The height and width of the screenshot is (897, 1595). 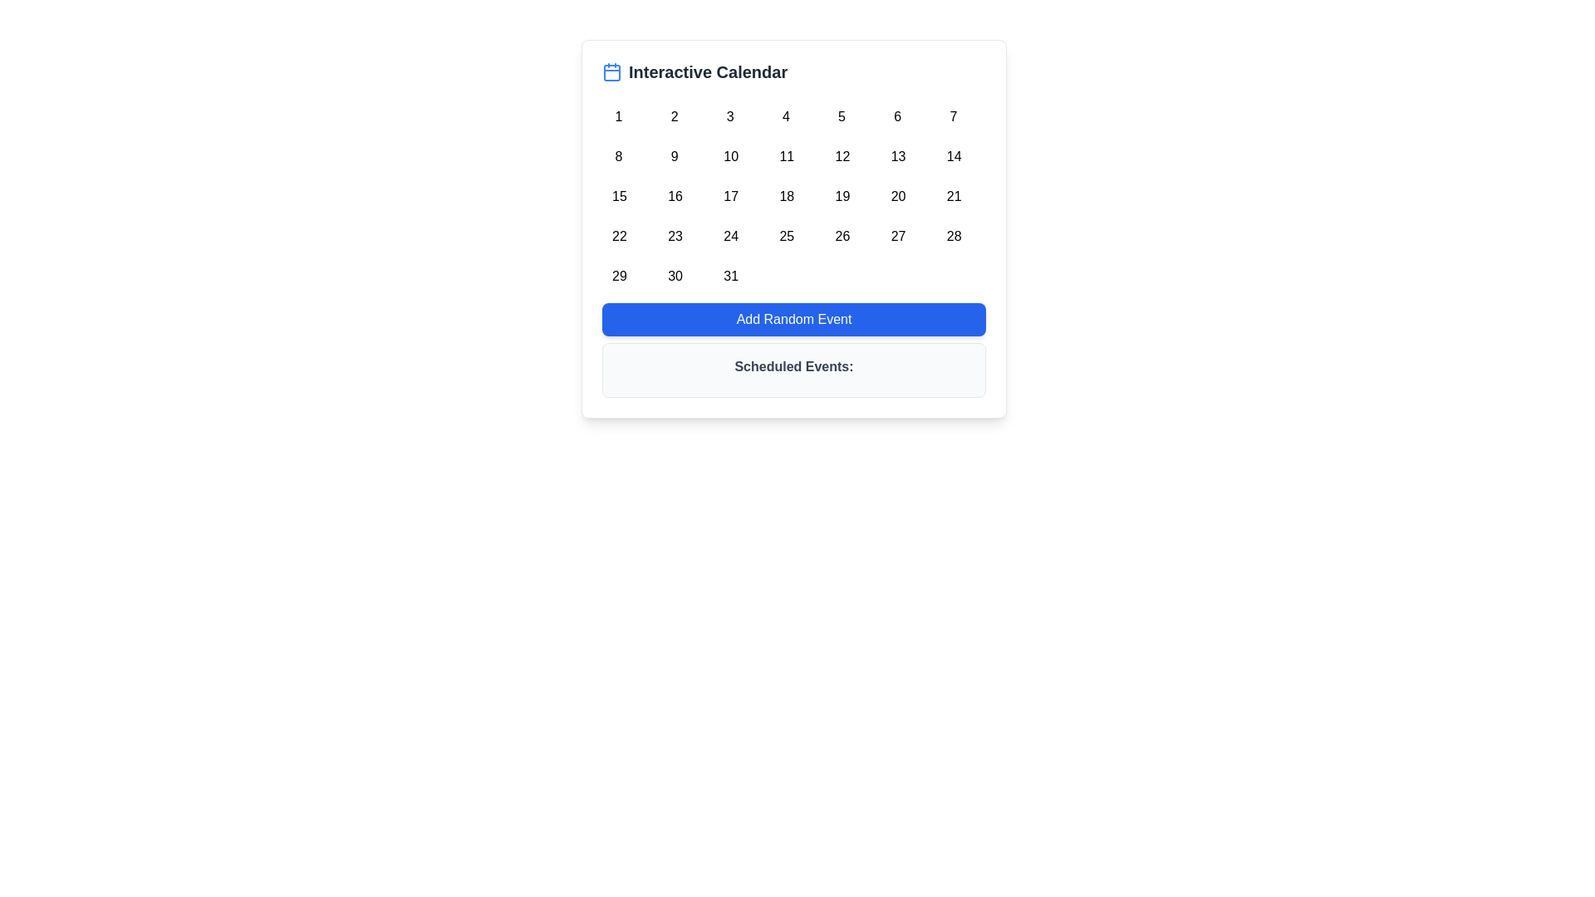 What do you see at coordinates (953, 154) in the screenshot?
I see `the 14th date cell in the Interactive Calendar` at bounding box center [953, 154].